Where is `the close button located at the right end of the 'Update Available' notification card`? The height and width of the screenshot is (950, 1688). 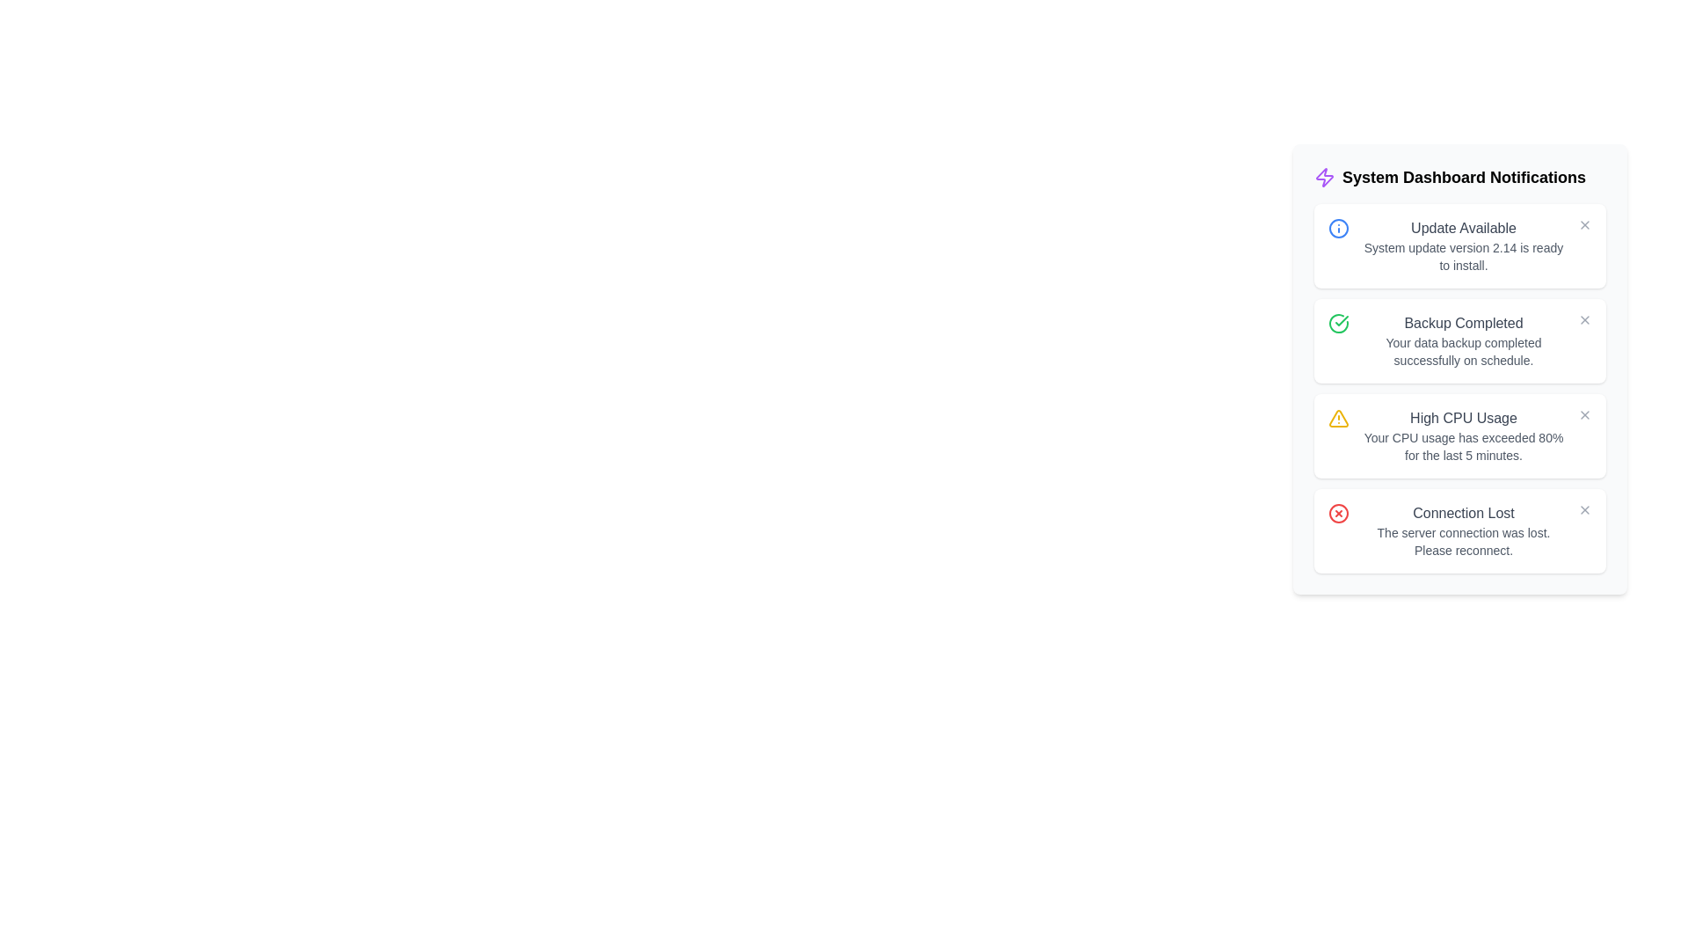
the close button located at the right end of the 'Update Available' notification card is located at coordinates (1585, 223).